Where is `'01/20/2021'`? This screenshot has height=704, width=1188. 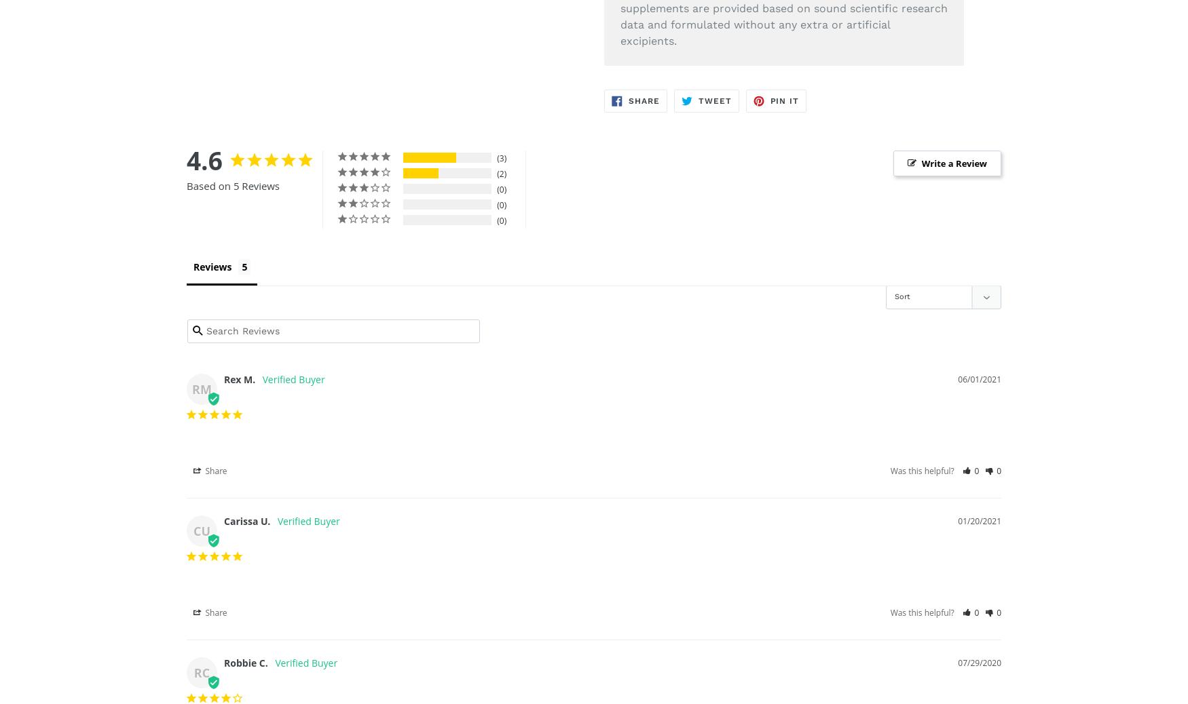 '01/20/2021' is located at coordinates (957, 520).